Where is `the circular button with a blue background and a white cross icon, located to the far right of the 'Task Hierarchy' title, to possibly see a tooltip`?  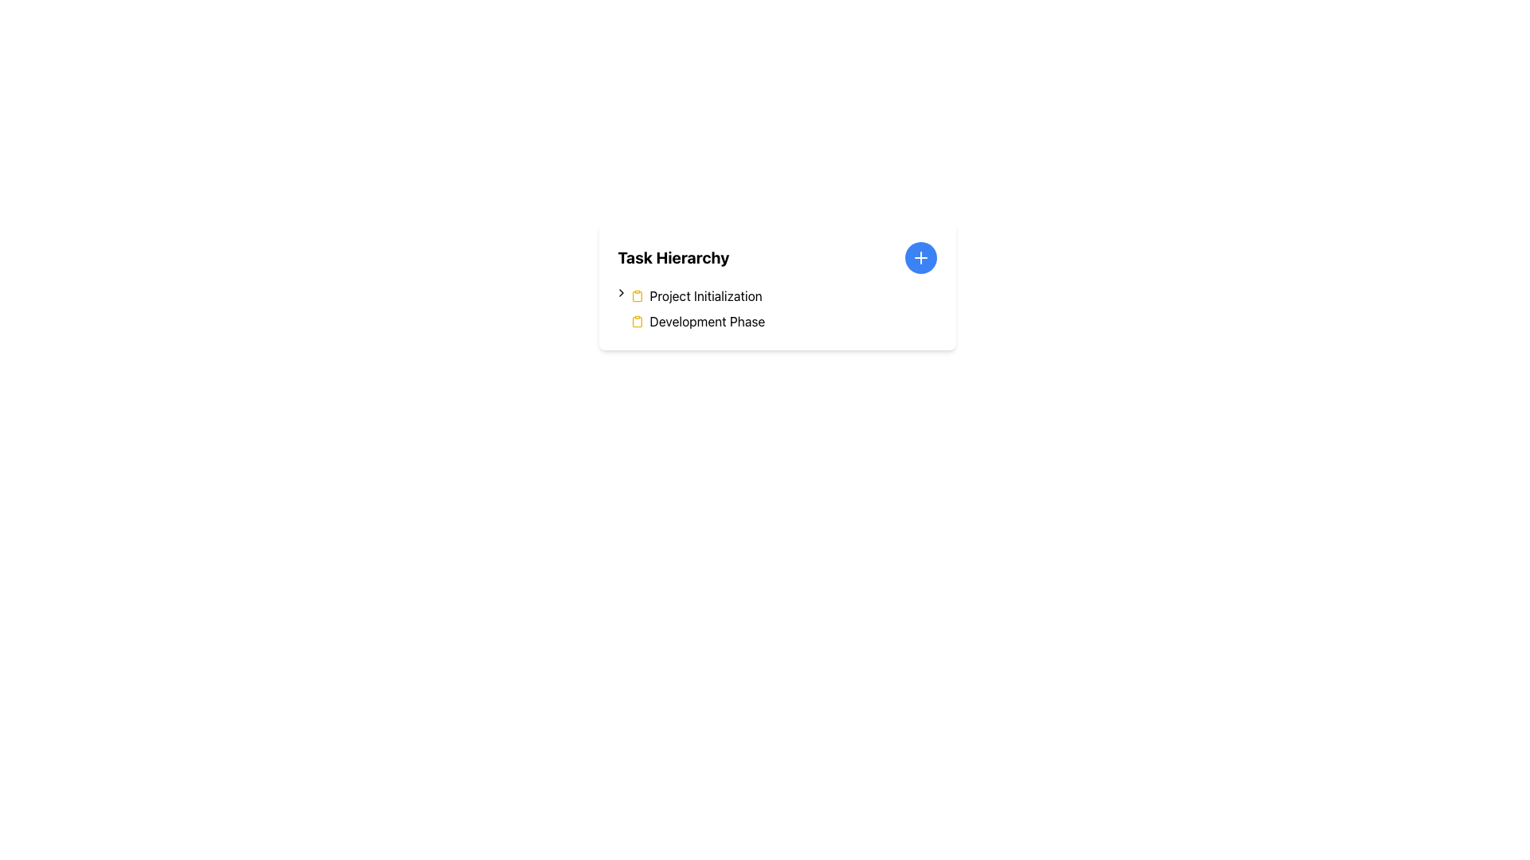
the circular button with a blue background and a white cross icon, located to the far right of the 'Task Hierarchy' title, to possibly see a tooltip is located at coordinates (920, 257).